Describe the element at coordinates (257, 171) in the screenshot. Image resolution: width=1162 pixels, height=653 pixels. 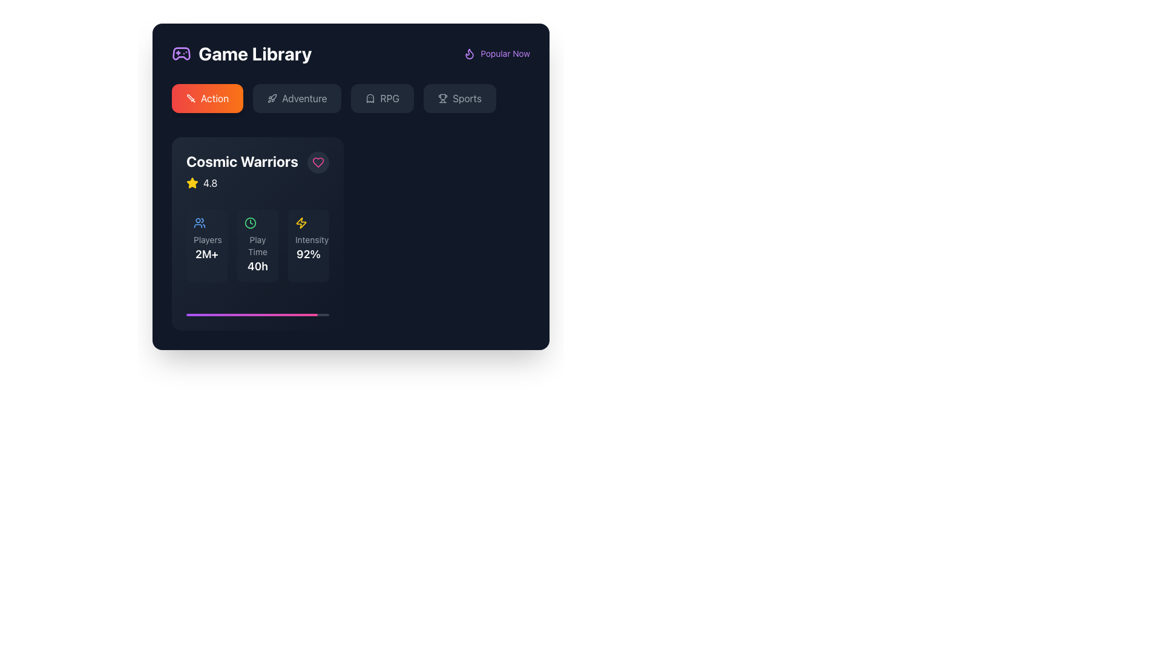
I see `the Text and icon display component that shows the game title 'Cosmic Warriors' with a star-rating of '4.8', located in the upper section of the card component` at that location.